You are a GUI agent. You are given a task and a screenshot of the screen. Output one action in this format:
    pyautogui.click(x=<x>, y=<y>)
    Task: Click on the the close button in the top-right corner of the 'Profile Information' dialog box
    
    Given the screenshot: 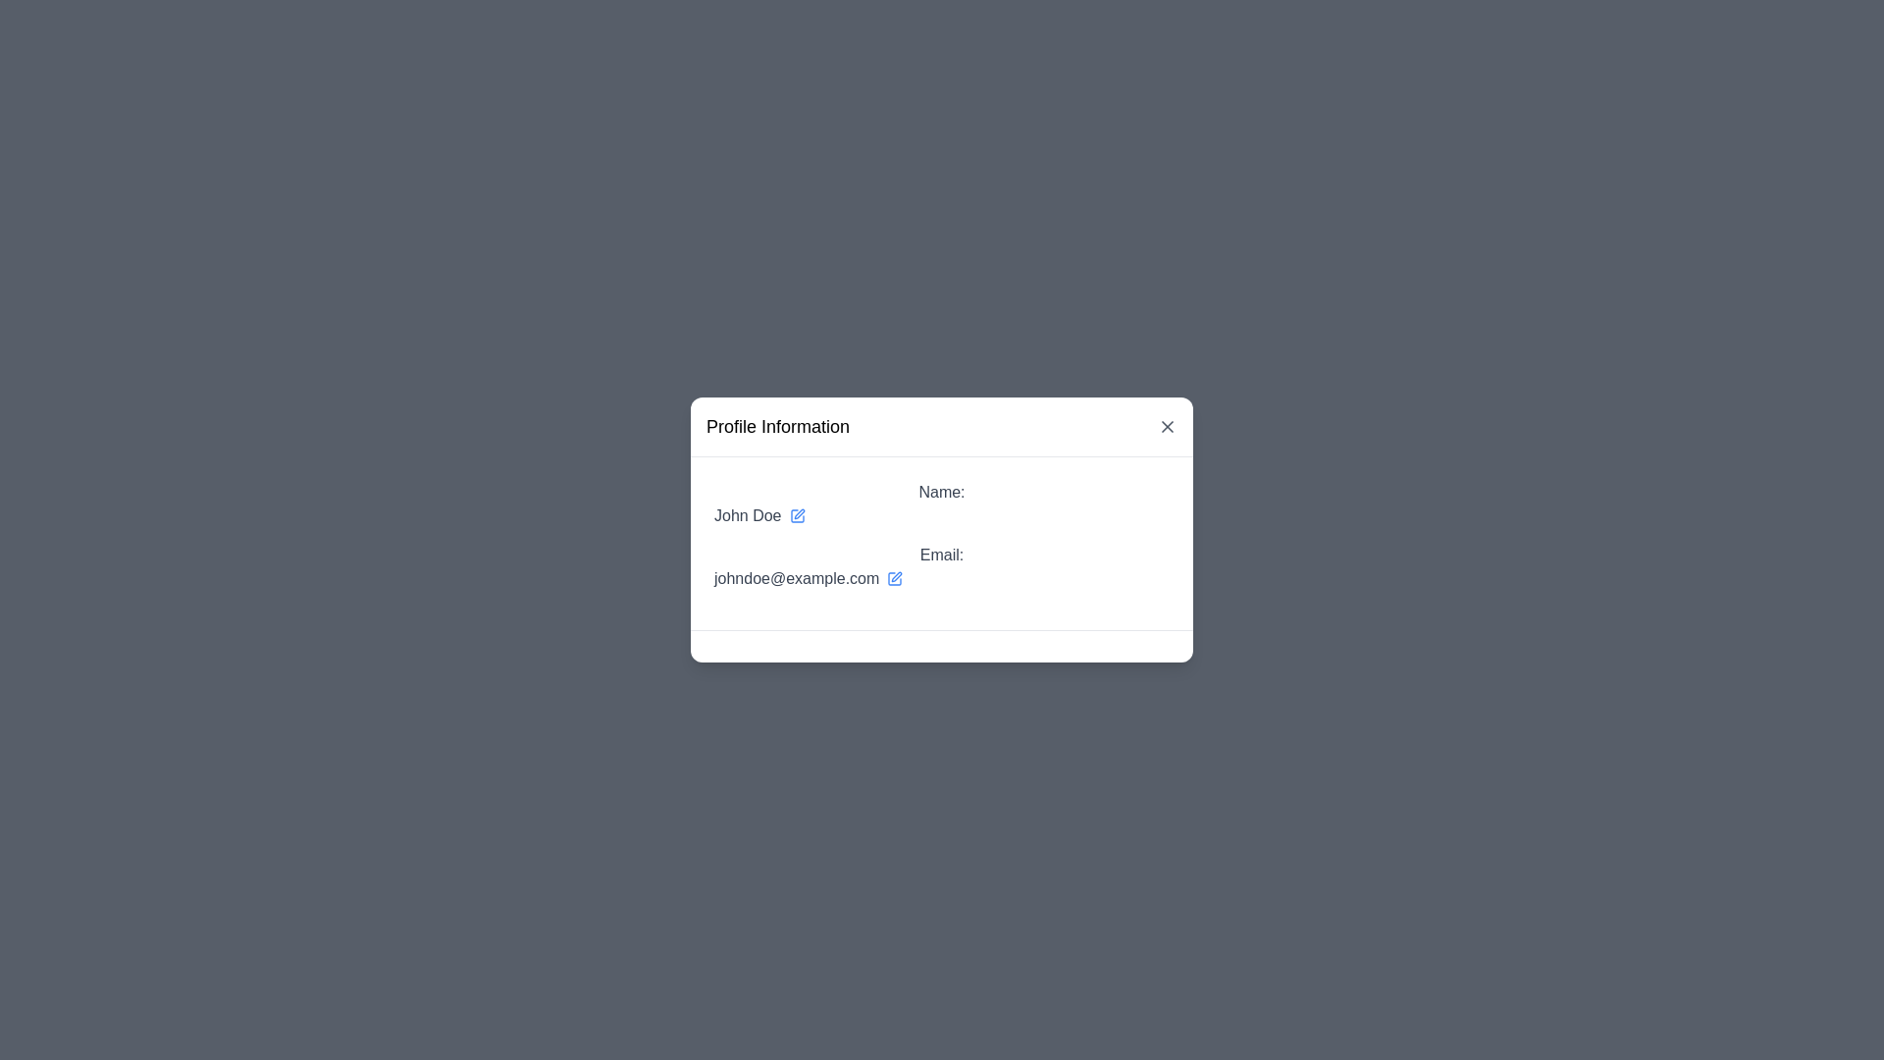 What is the action you would take?
    pyautogui.click(x=1168, y=426)
    